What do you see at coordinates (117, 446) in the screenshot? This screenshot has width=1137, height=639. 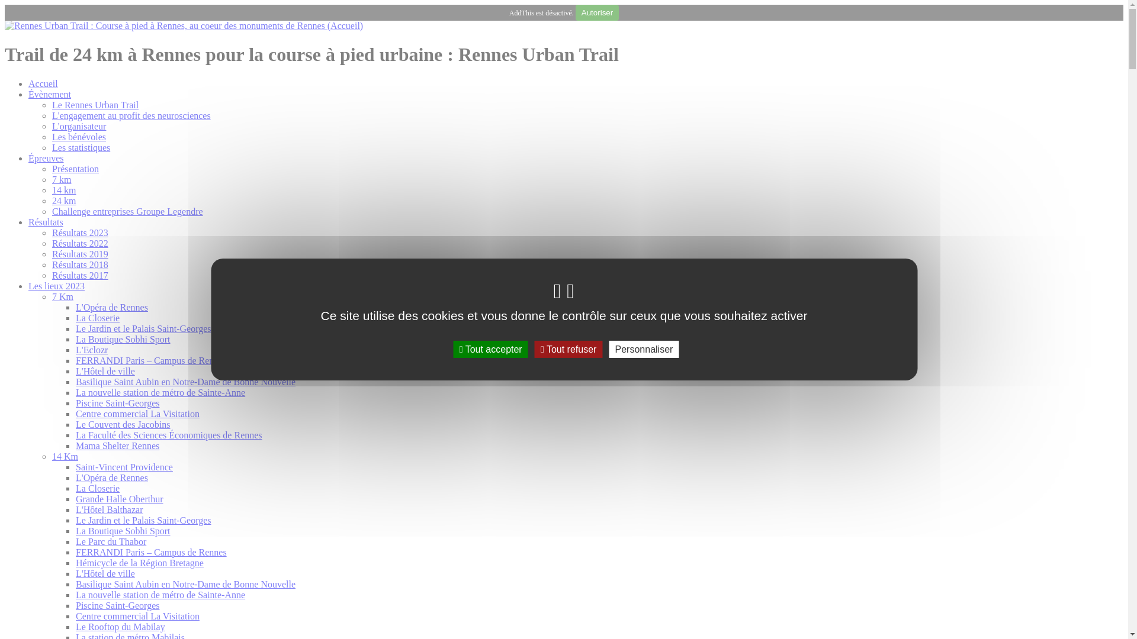 I see `'Mama Shelter Rennes'` at bounding box center [117, 446].